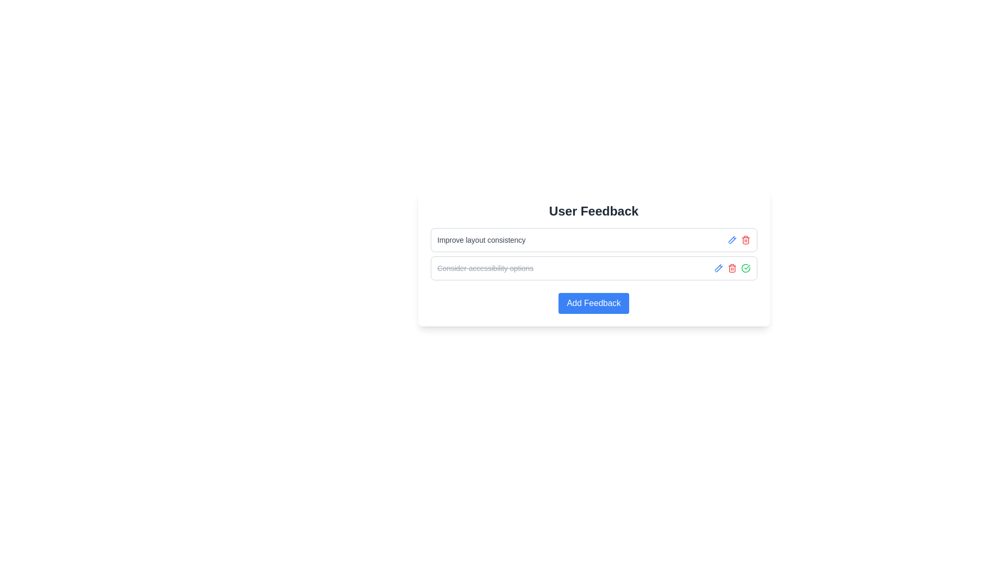 The width and height of the screenshot is (1005, 565). What do you see at coordinates (745, 268) in the screenshot?
I see `the confirmation icon button located on the rightmost side of its group, which is the third icon in the row for the second item of the list to confirm the action` at bounding box center [745, 268].